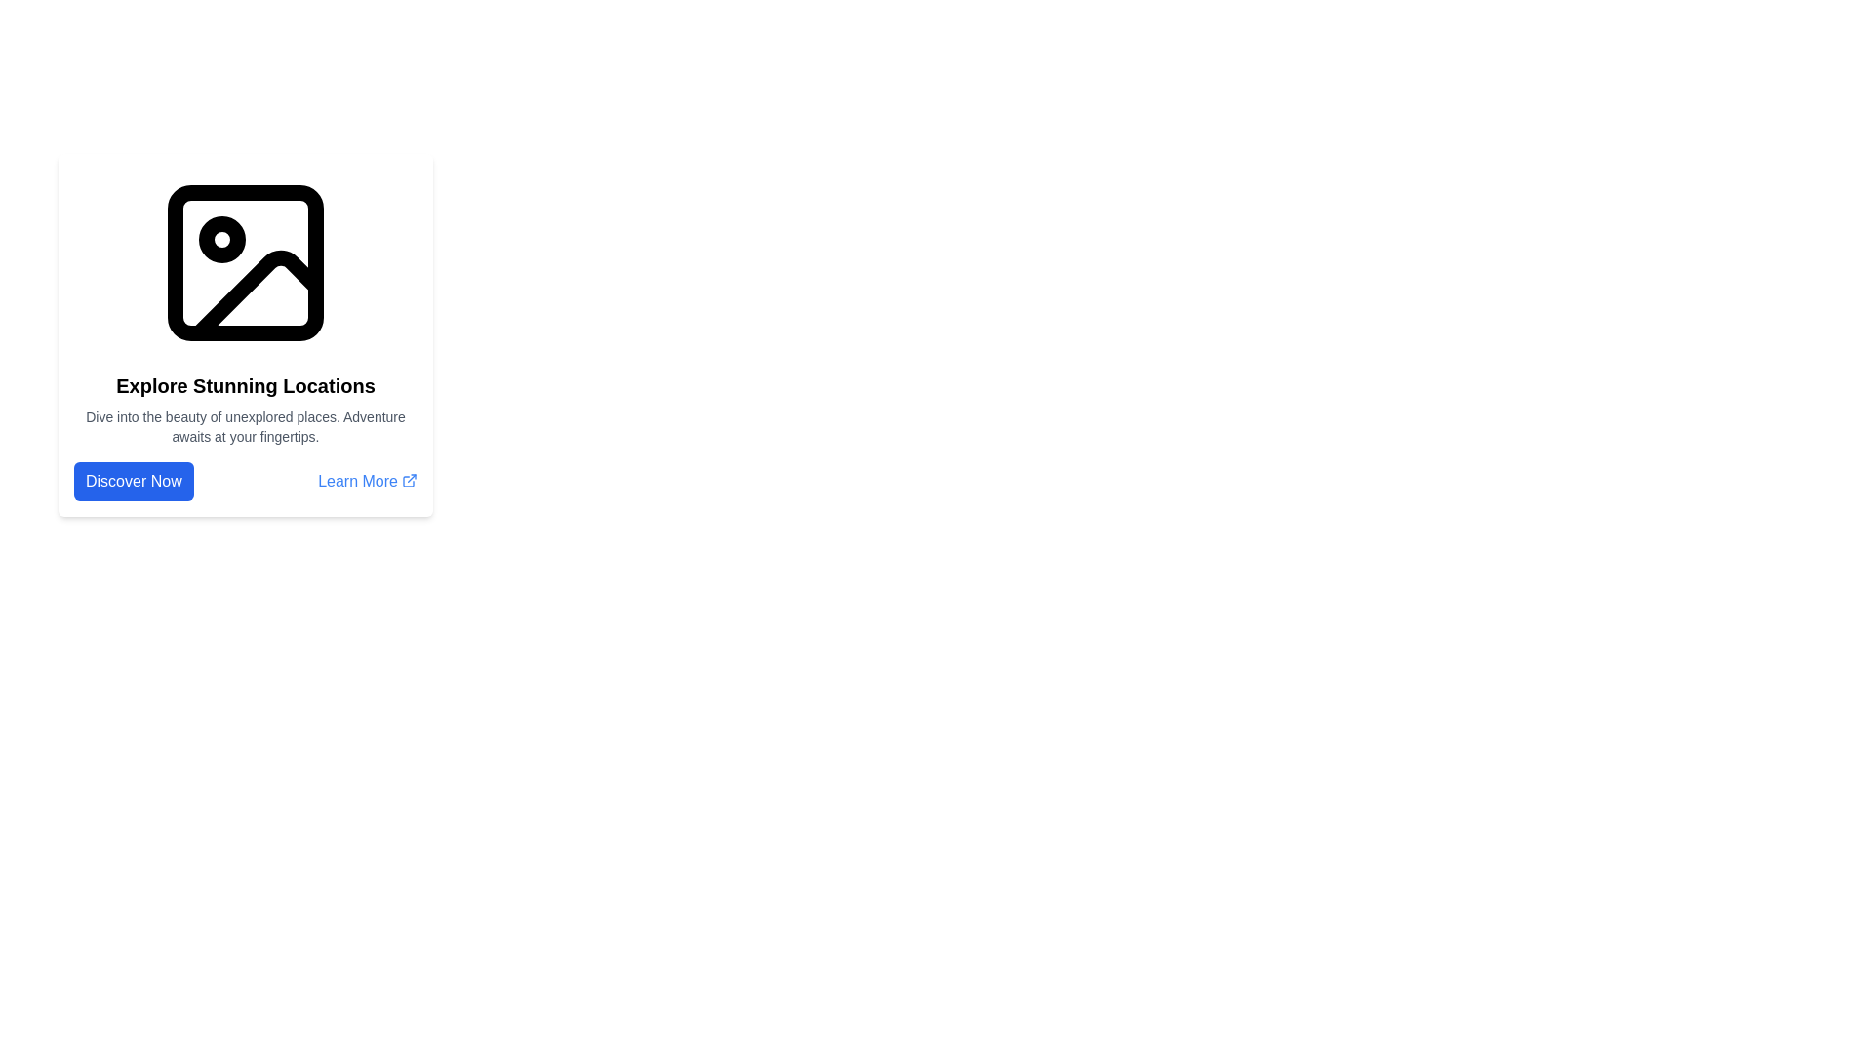 Image resolution: width=1873 pixels, height=1053 pixels. What do you see at coordinates (221, 239) in the screenshot?
I see `small circular SVG Circle element located in the upper-left corner of the icon depicting mountains and sun, which is part of a card layout above location description text` at bounding box center [221, 239].